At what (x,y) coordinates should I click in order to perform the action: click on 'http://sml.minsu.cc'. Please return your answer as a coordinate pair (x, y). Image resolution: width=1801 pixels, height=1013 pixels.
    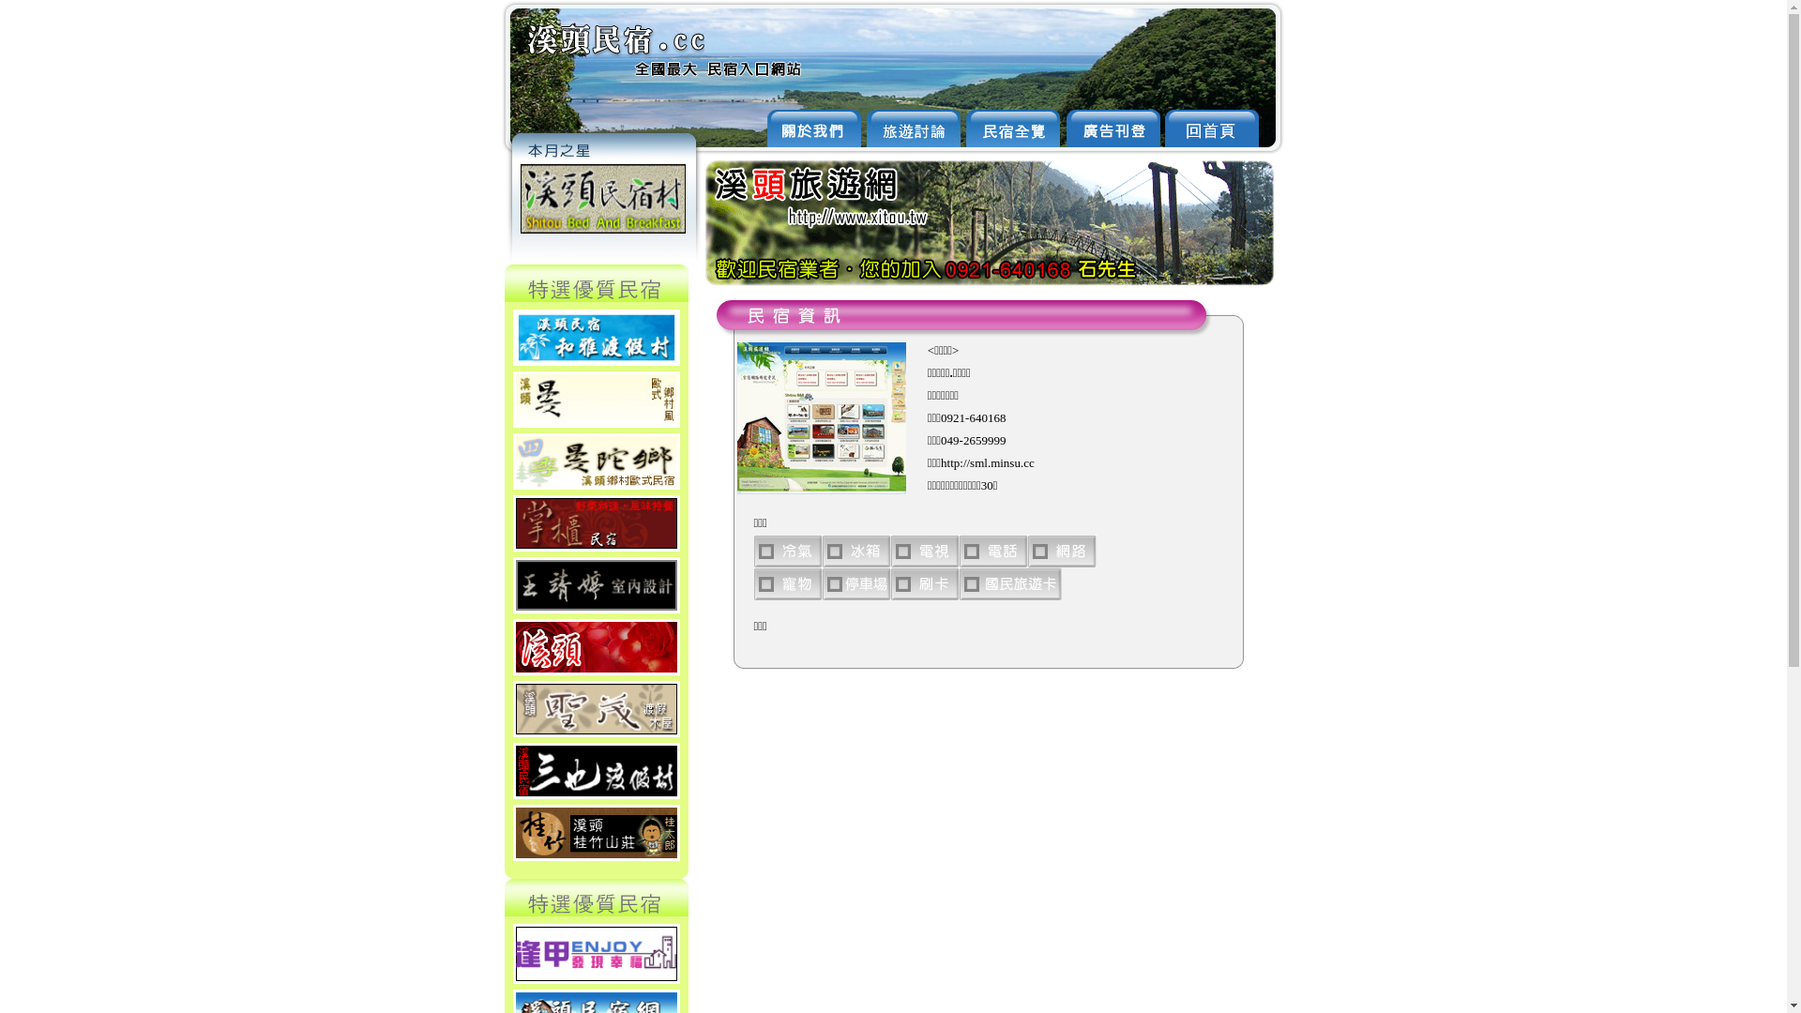
    Looking at the image, I should click on (986, 462).